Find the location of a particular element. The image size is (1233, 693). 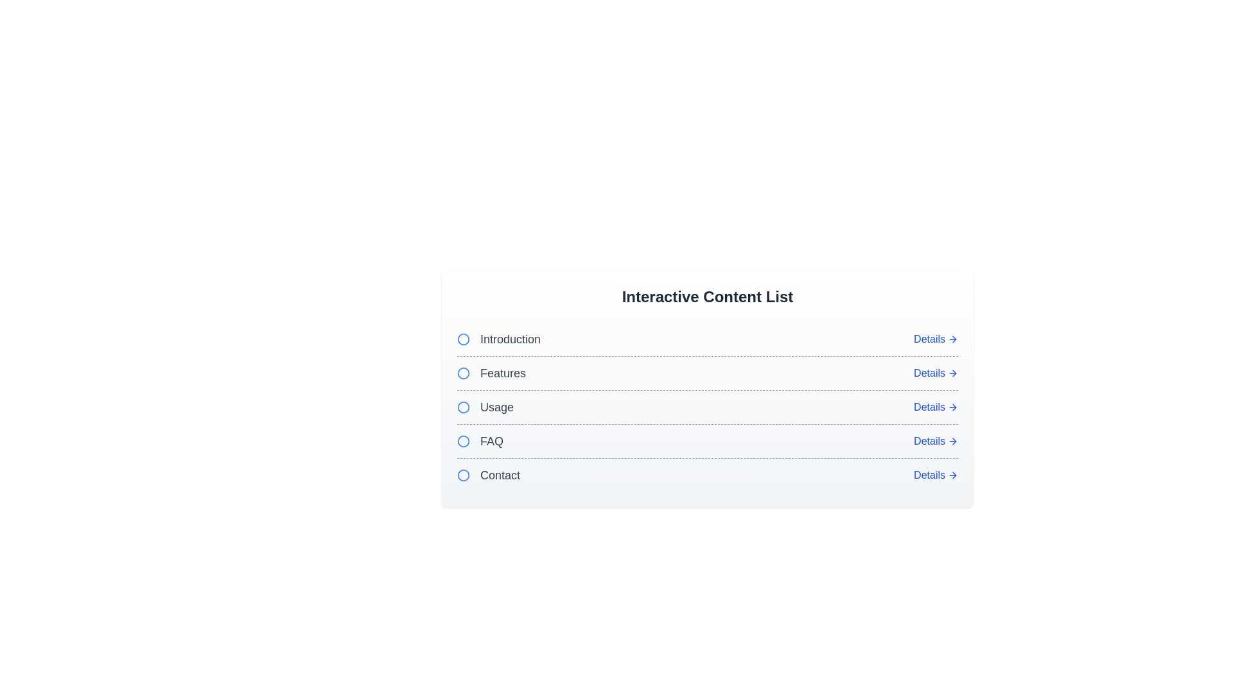

label of the first entry in the list, which is a composite element containing an icon and the text 'Introduction' is located at coordinates (498, 338).